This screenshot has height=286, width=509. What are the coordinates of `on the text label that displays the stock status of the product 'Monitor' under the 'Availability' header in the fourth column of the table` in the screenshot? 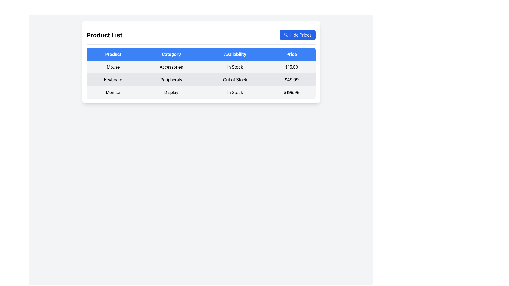 It's located at (235, 92).